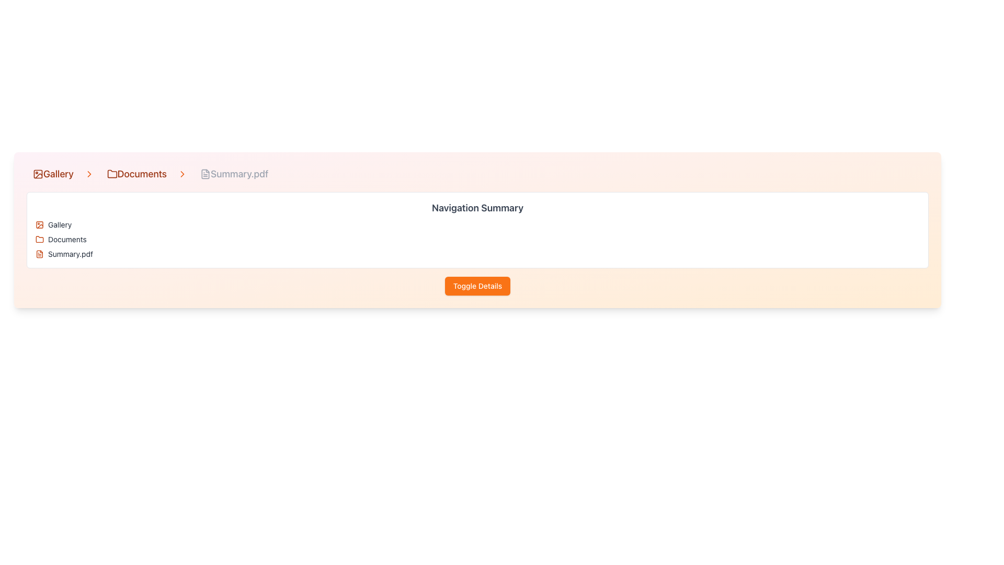  I want to click on the breadcrumb link labeled 'Documents', which features a folder icon on the left and an arrow on the right, for visual feedback, so click(143, 173).